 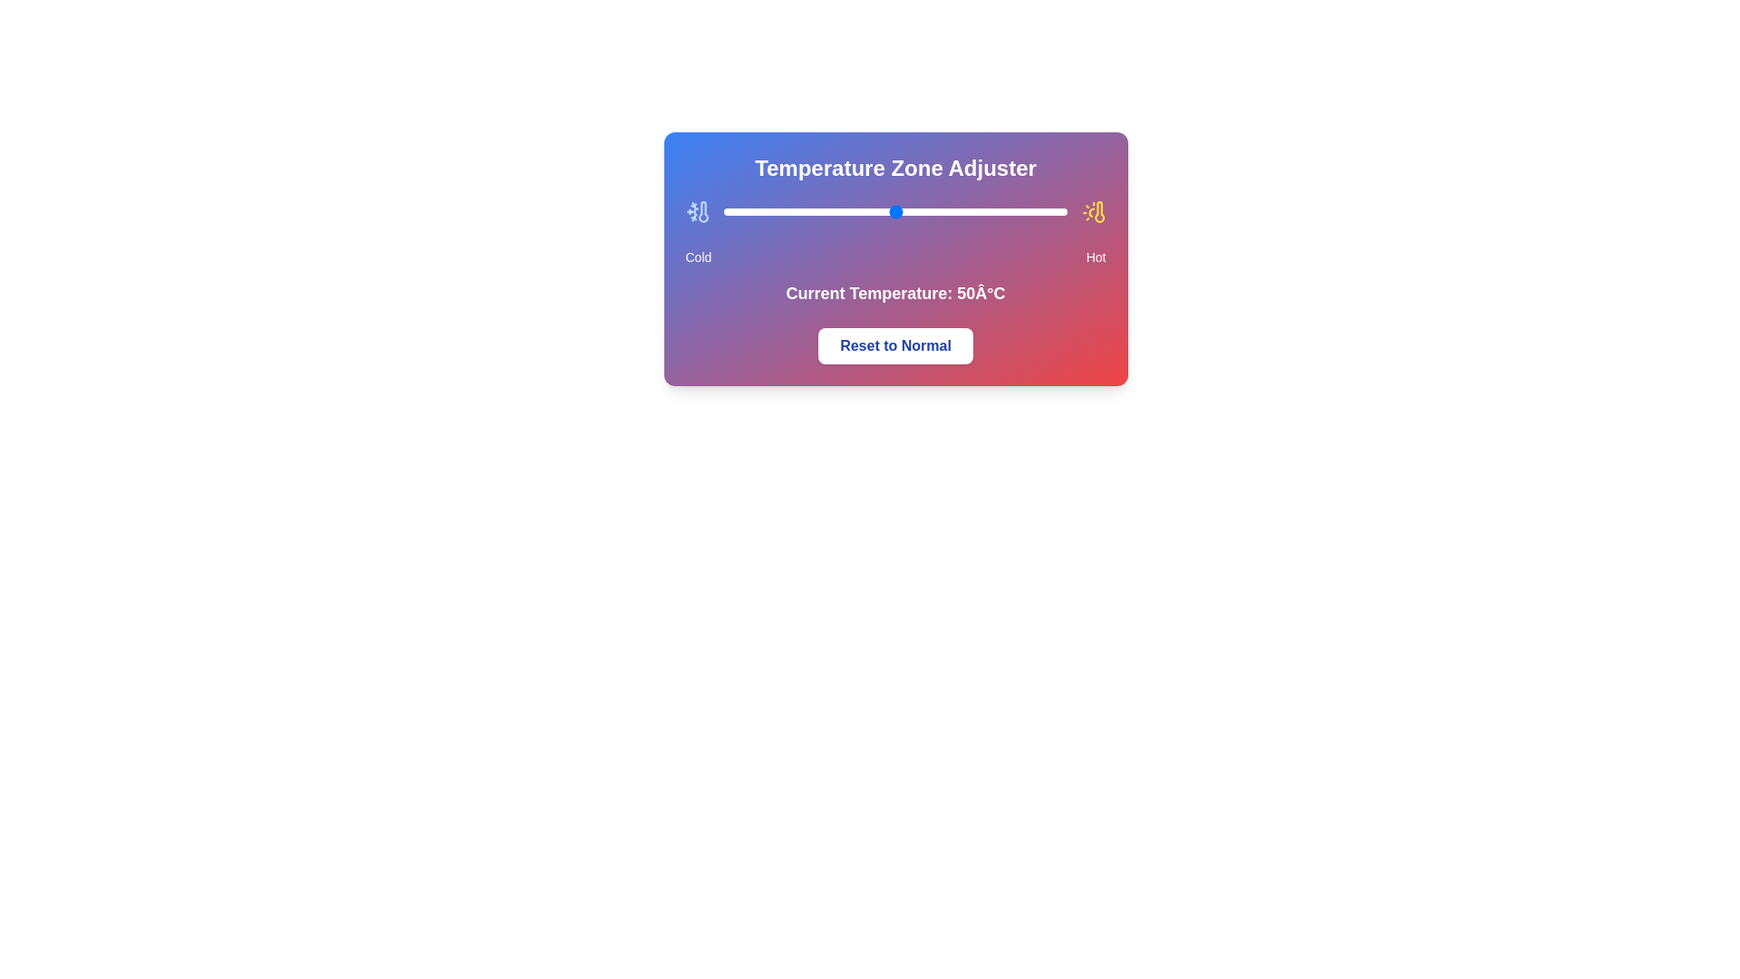 What do you see at coordinates (771, 211) in the screenshot?
I see `the temperature to 14°C by moving the slider` at bounding box center [771, 211].